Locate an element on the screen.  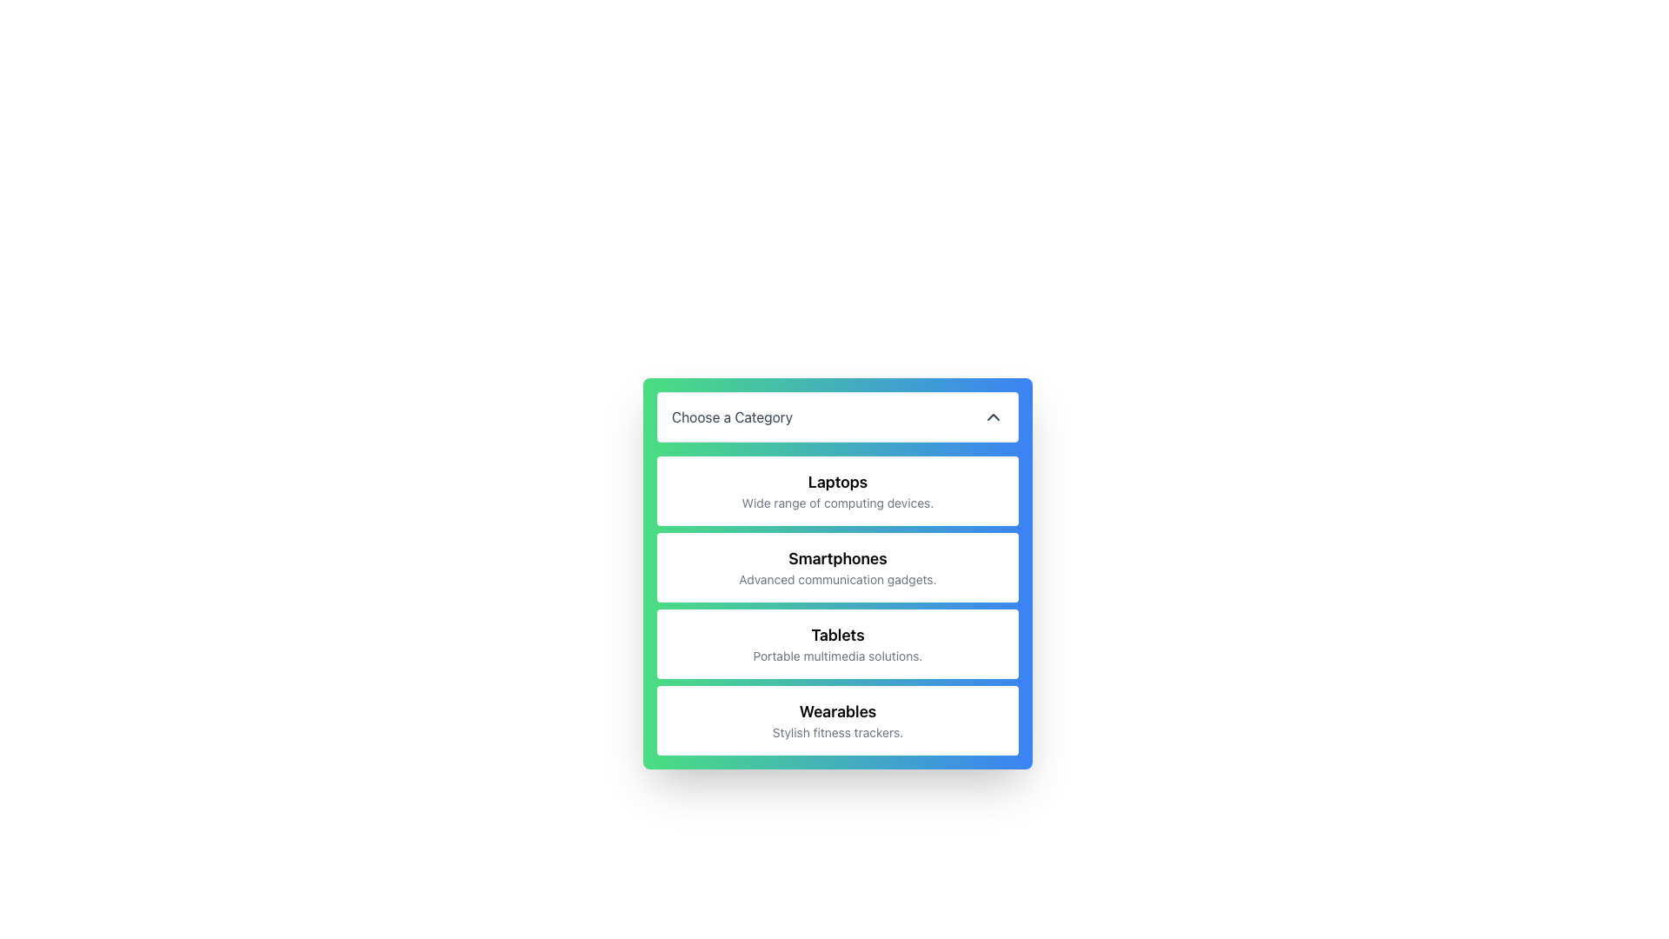
the static text label that indicates to the user to click to select or view categories from the dropdown menu is located at coordinates (732, 416).